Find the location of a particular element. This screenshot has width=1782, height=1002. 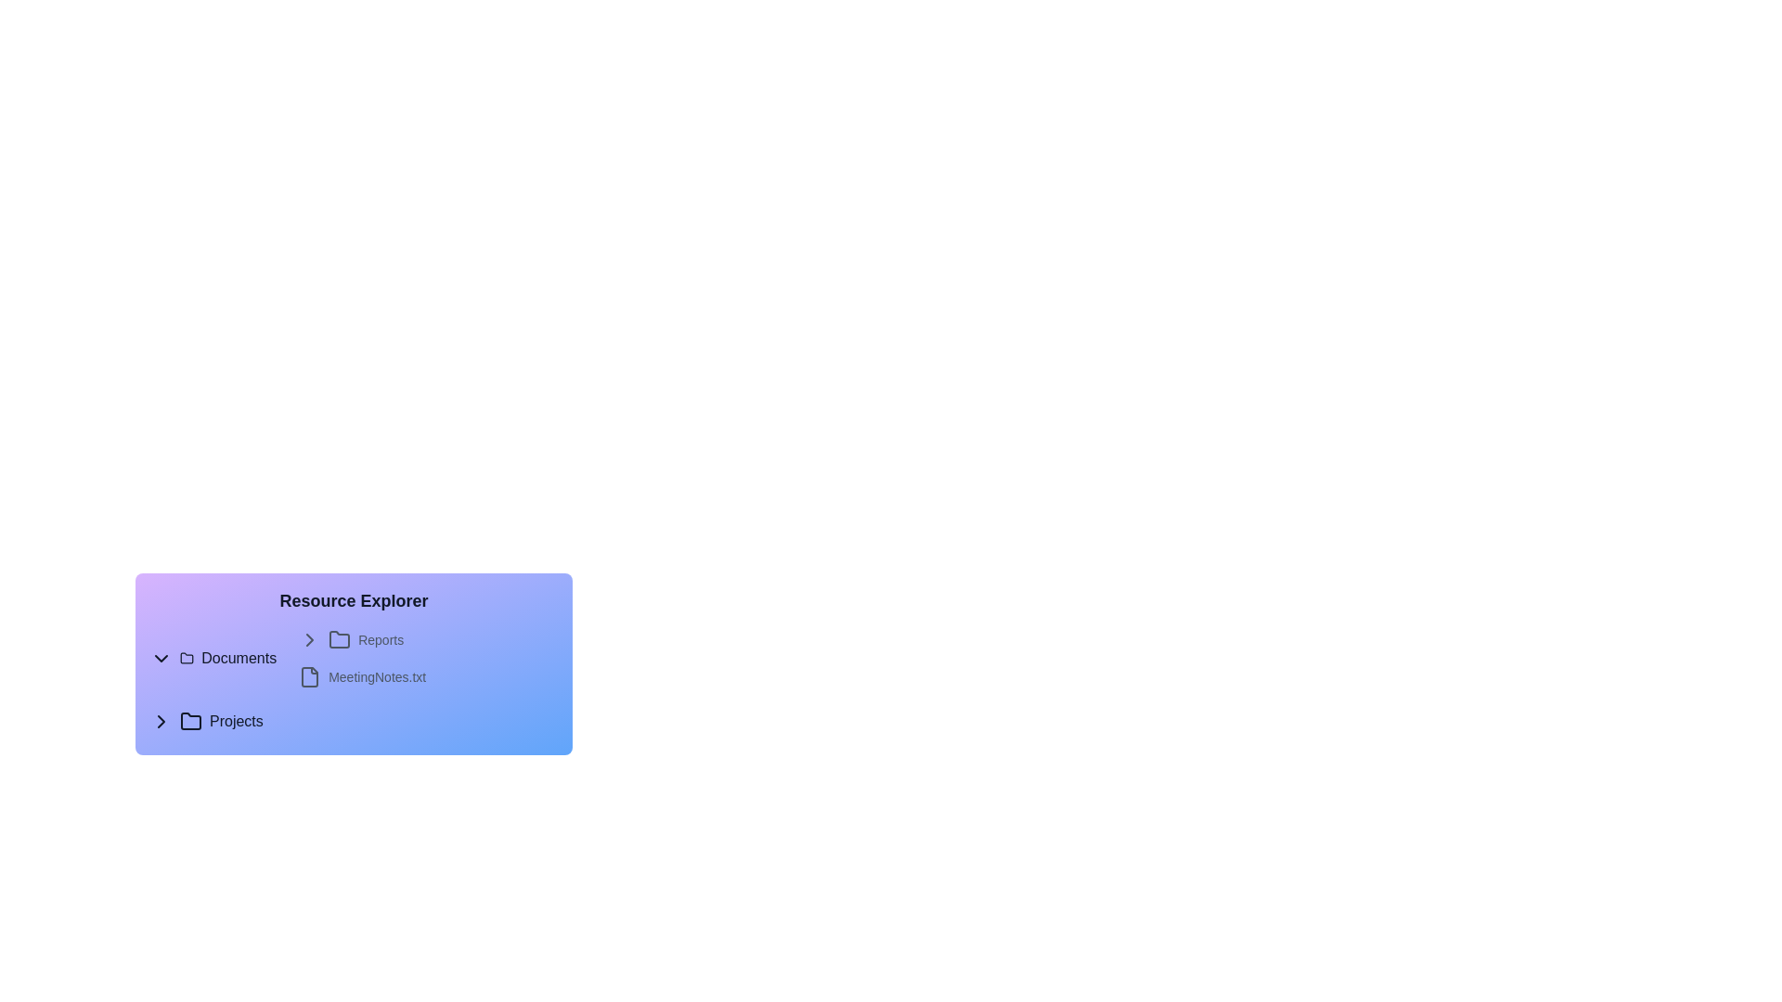

the small folder icon located is located at coordinates (340, 638).